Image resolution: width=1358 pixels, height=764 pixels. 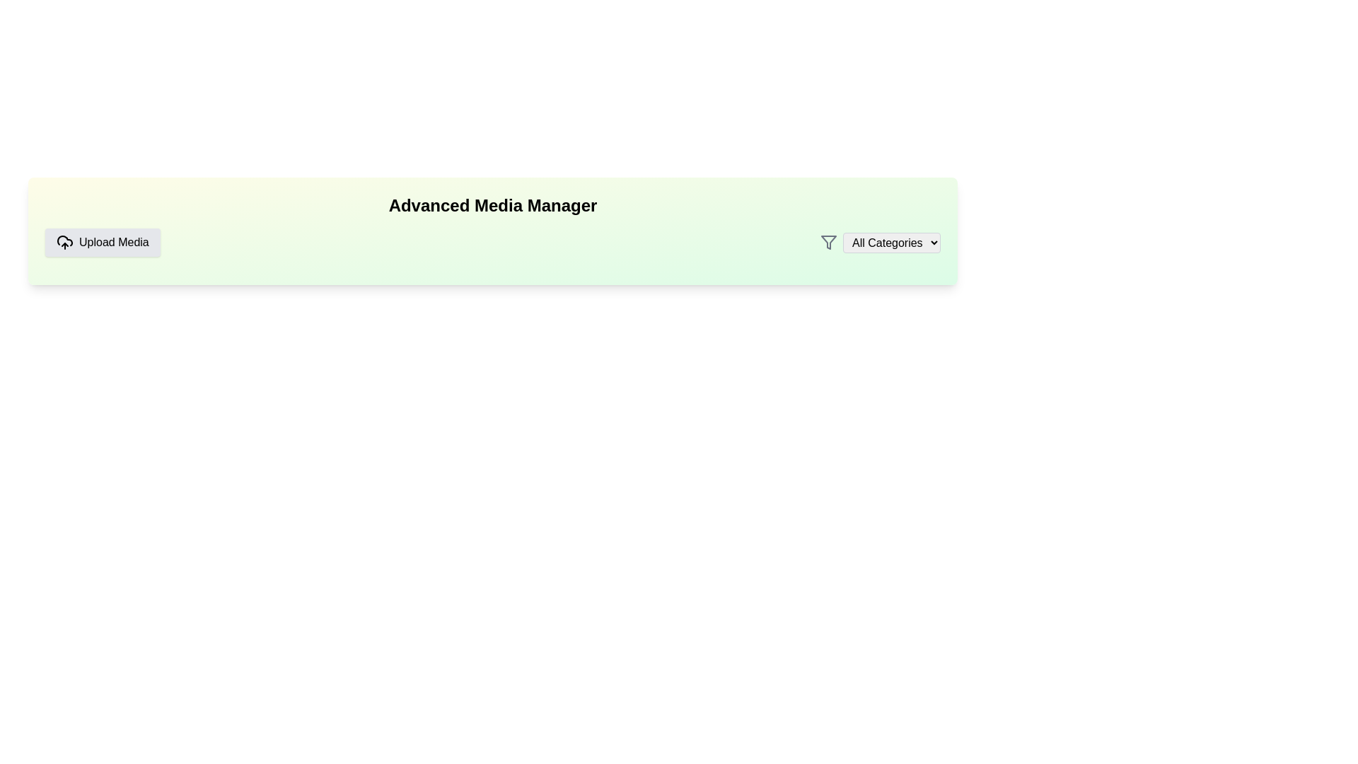 I want to click on the funnel icon located to the left of the 'All Categories' dropdown menu, which is depicted as a triangular shape narrowing downward with a vertical bar extending from its tip, so click(x=828, y=242).